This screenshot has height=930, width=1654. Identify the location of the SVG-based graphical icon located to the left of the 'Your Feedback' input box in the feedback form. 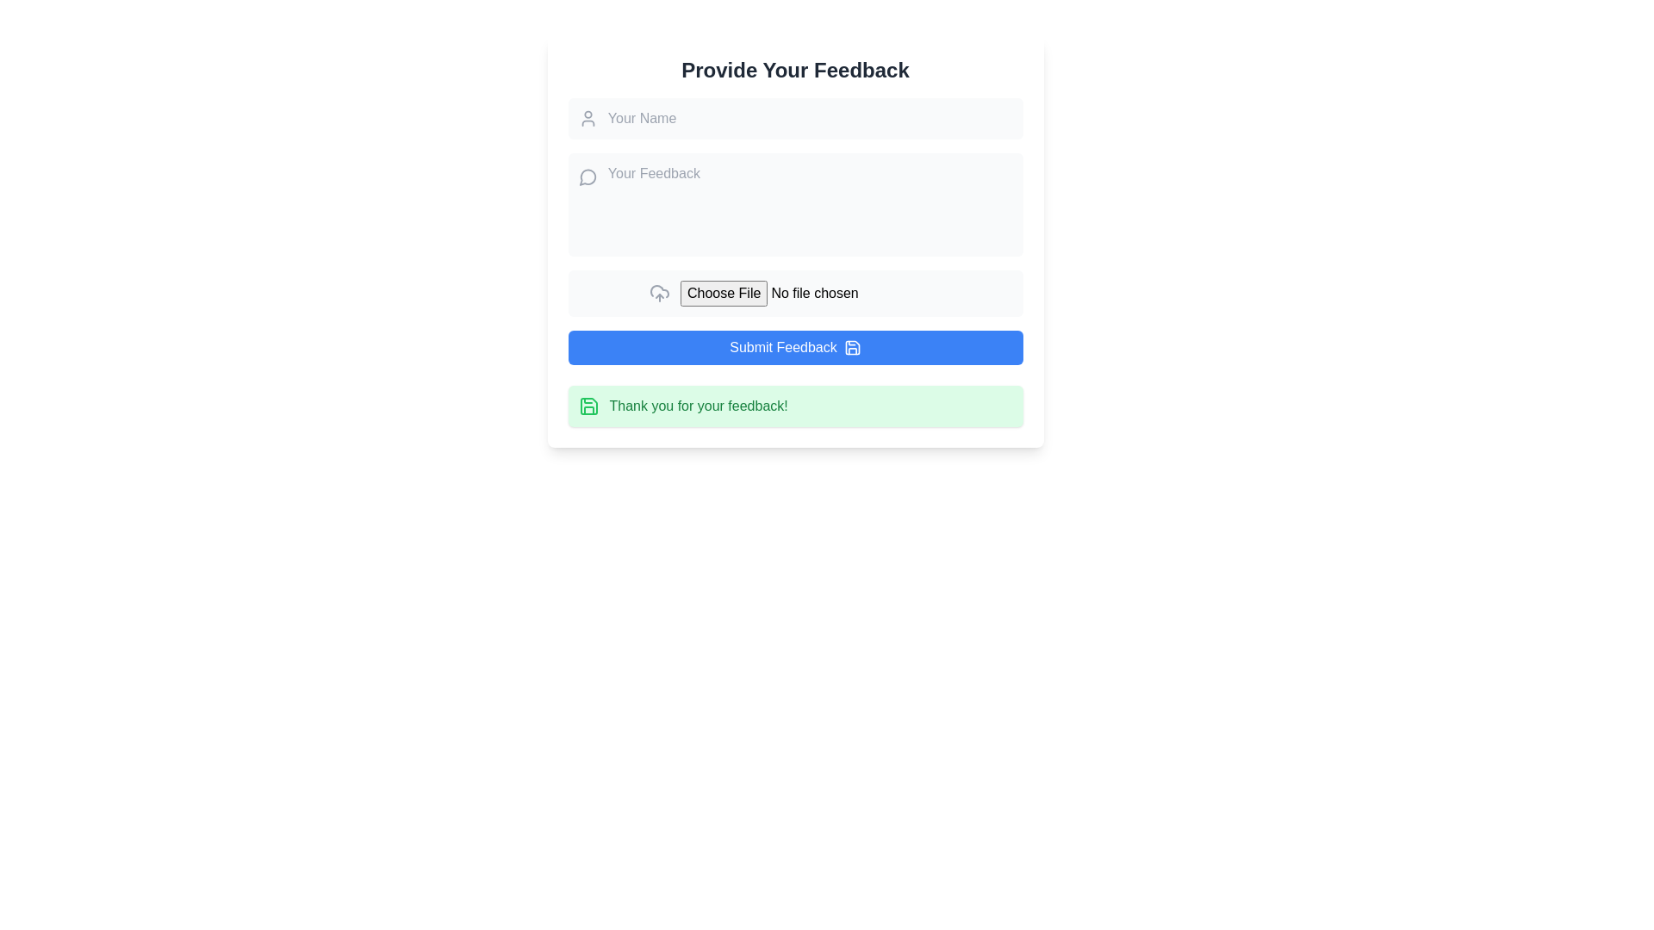
(588, 177).